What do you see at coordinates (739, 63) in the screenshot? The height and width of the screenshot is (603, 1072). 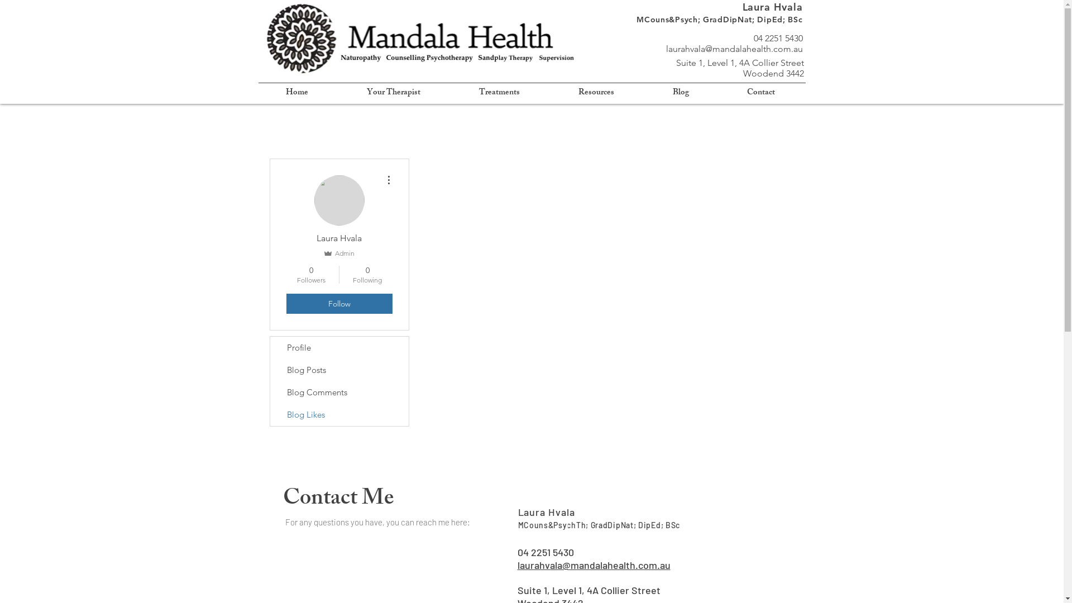 I see `'Suite 1, Level 1, 4A Collier Street'` at bounding box center [739, 63].